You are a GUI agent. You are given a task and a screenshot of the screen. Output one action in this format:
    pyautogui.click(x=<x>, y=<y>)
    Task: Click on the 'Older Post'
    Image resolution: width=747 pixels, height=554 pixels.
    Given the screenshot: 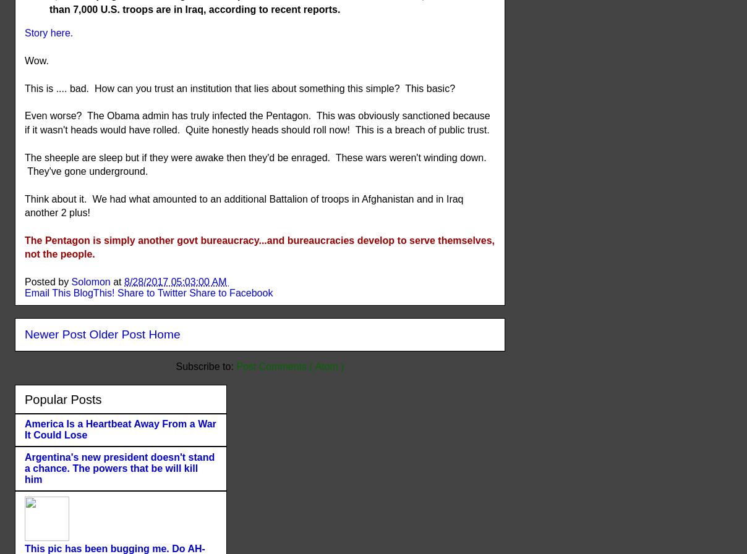 What is the action you would take?
    pyautogui.click(x=88, y=334)
    